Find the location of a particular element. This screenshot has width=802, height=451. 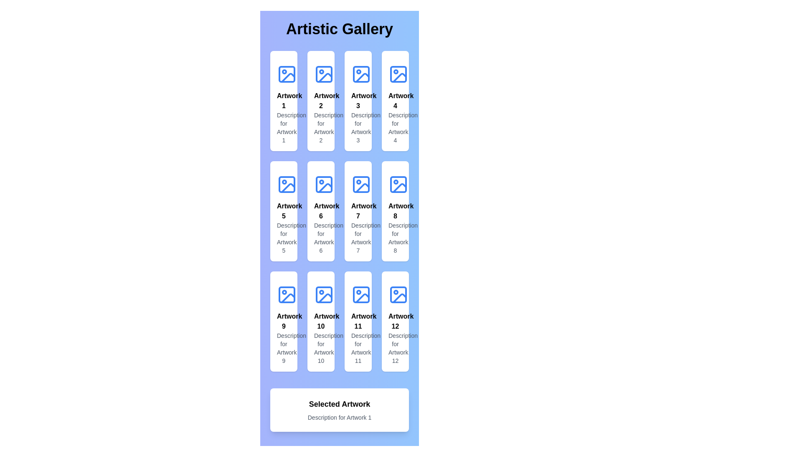

the diagonal line with an arrow-like feature in the ninth artwork thumbnail (row three, column one) of the SVG icon is located at coordinates (288, 297).